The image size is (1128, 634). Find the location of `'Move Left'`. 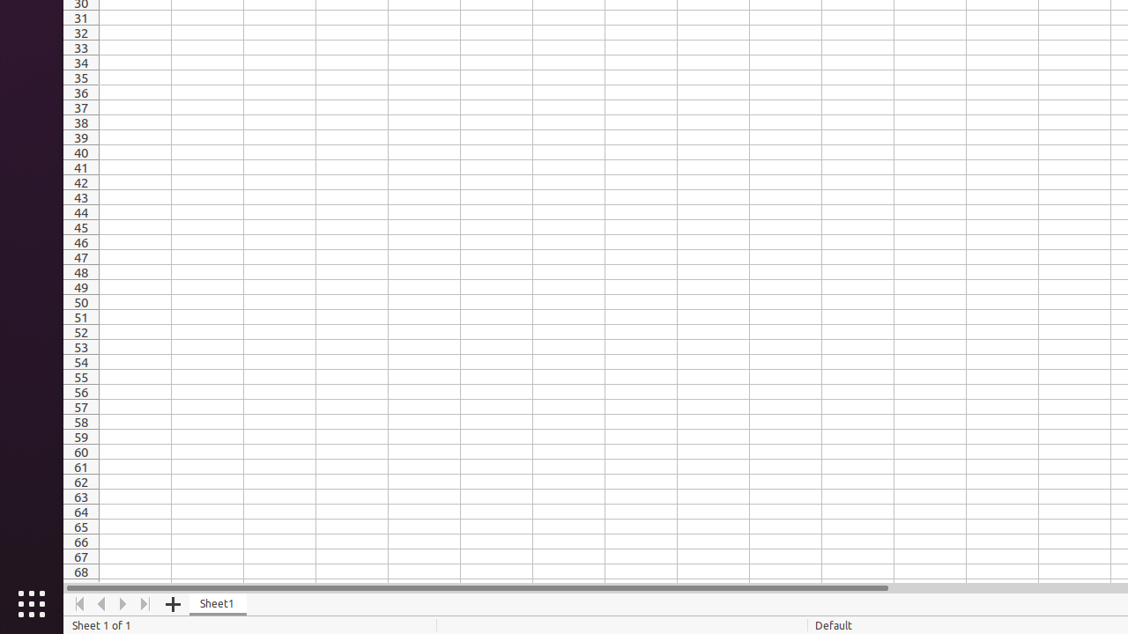

'Move Left' is located at coordinates (100, 603).